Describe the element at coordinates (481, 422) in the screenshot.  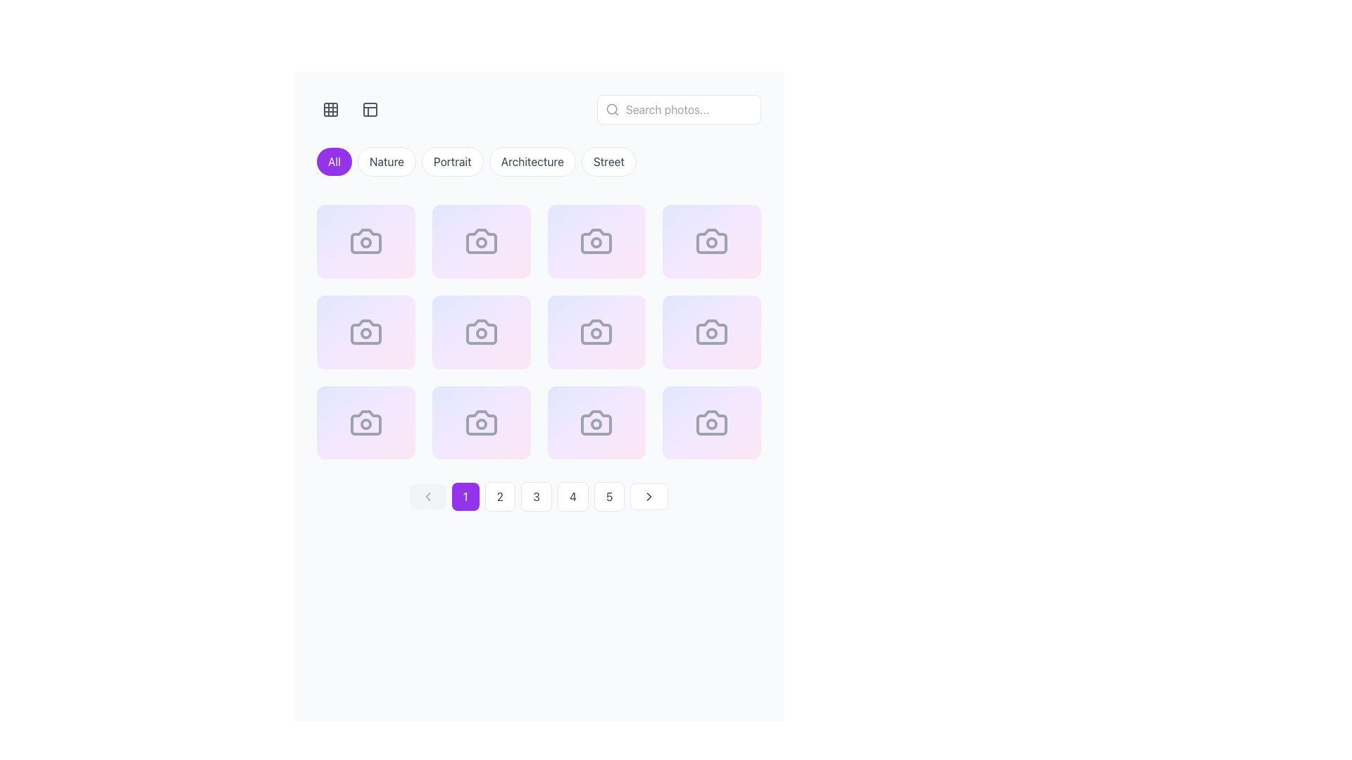
I see `on the central icon in the bottom row of the grid that indicates a media-related action` at that location.